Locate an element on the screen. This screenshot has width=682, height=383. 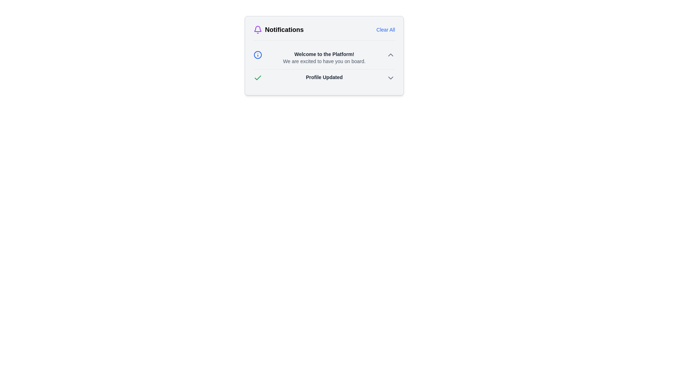
the Notification Header with Supportive Text, which welcomes the user to the platform and may be clickable to expand or interact with detailed notifications is located at coordinates (324, 57).